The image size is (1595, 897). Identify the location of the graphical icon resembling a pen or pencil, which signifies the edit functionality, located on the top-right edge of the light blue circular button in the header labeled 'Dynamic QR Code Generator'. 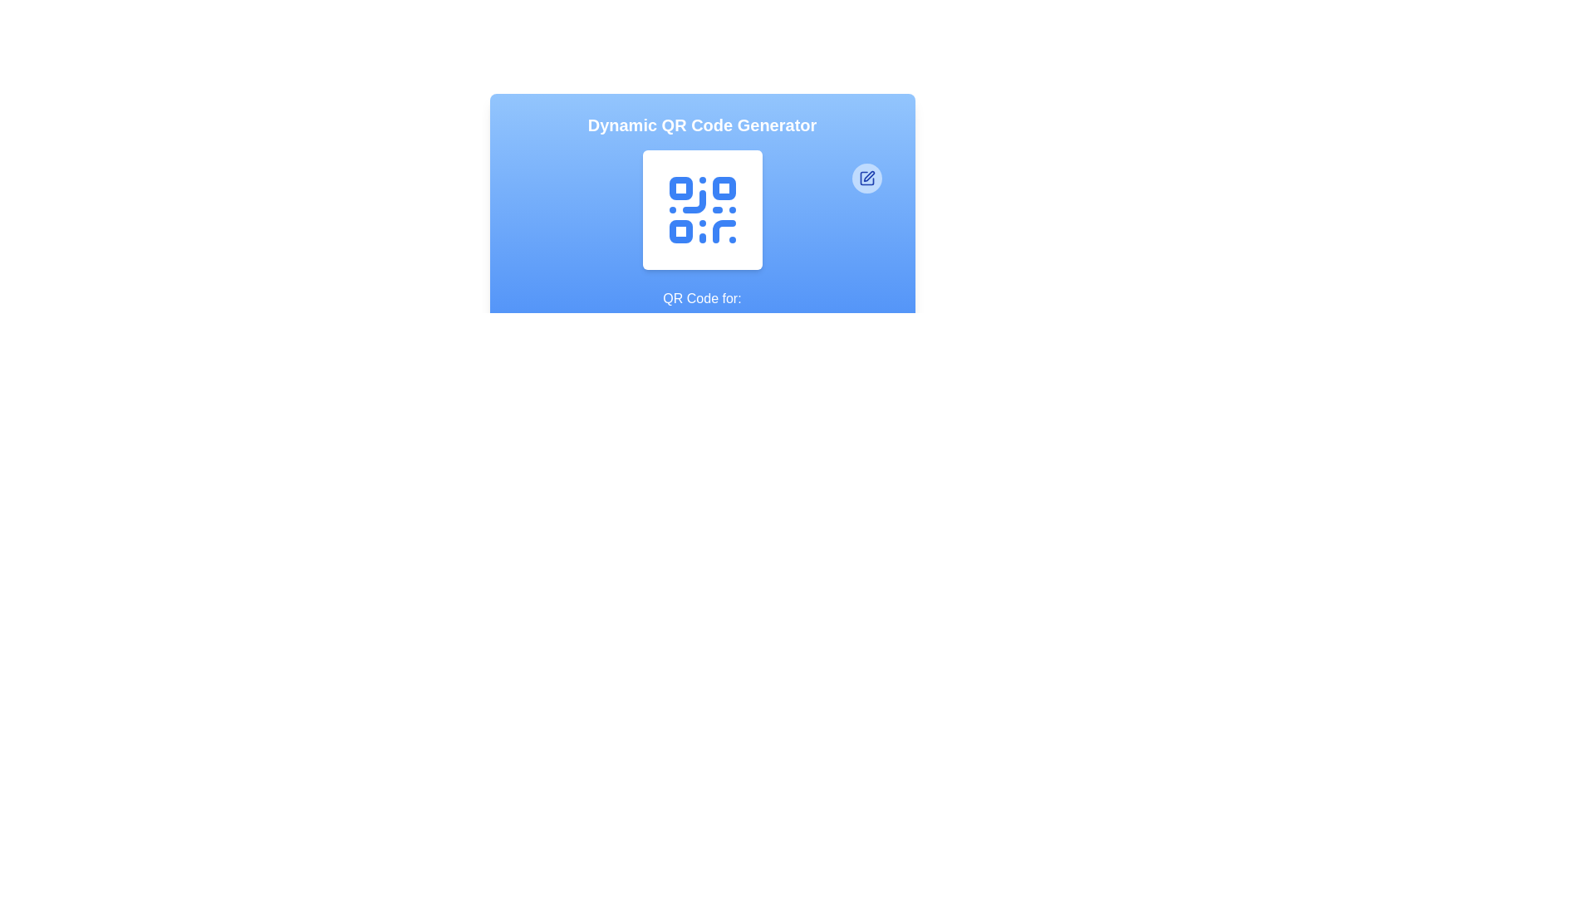
(866, 179).